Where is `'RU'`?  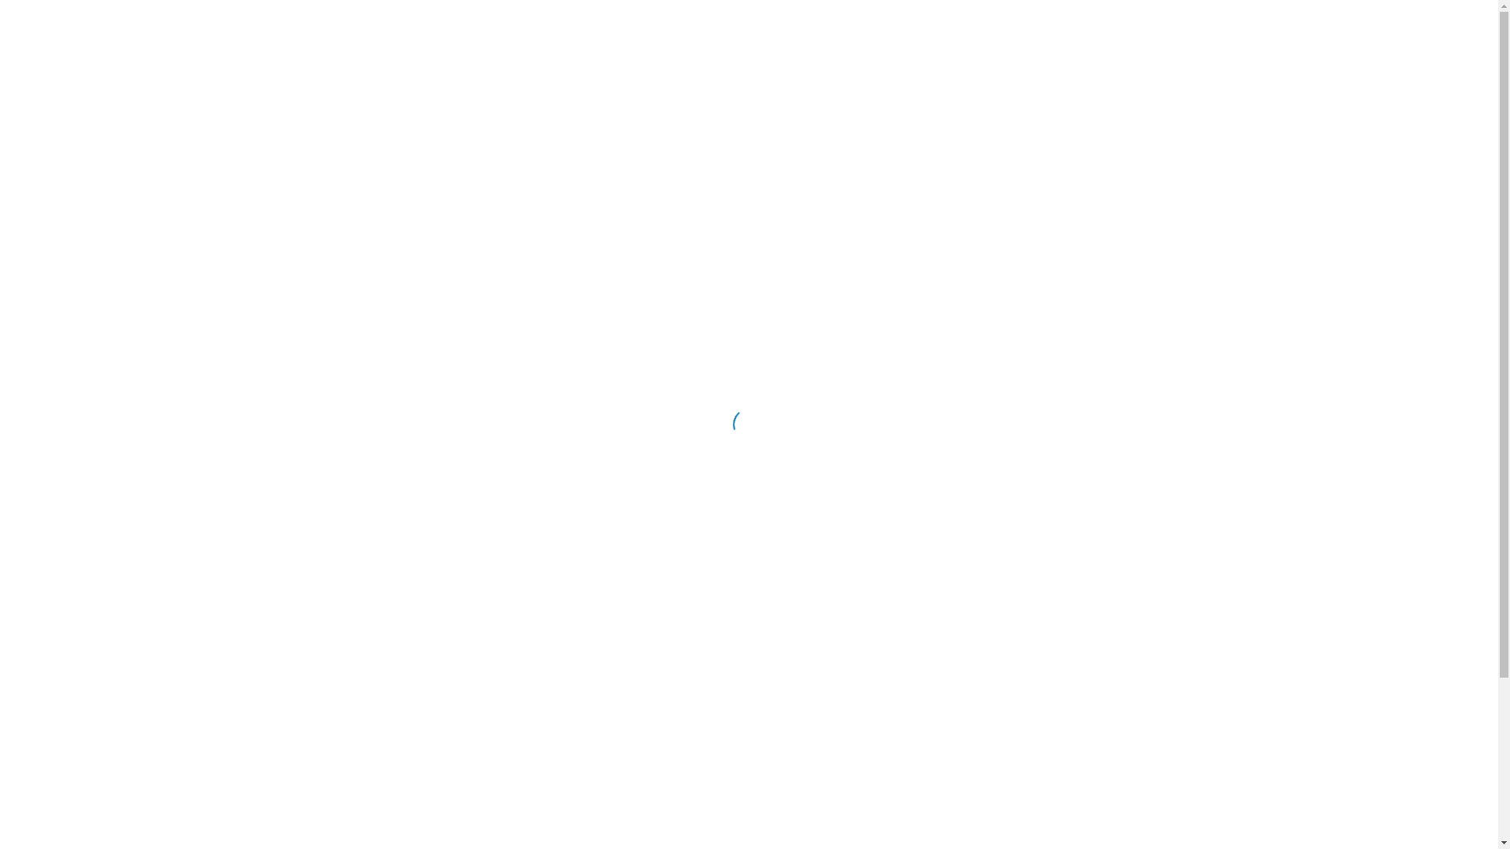 'RU' is located at coordinates (1446, 24).